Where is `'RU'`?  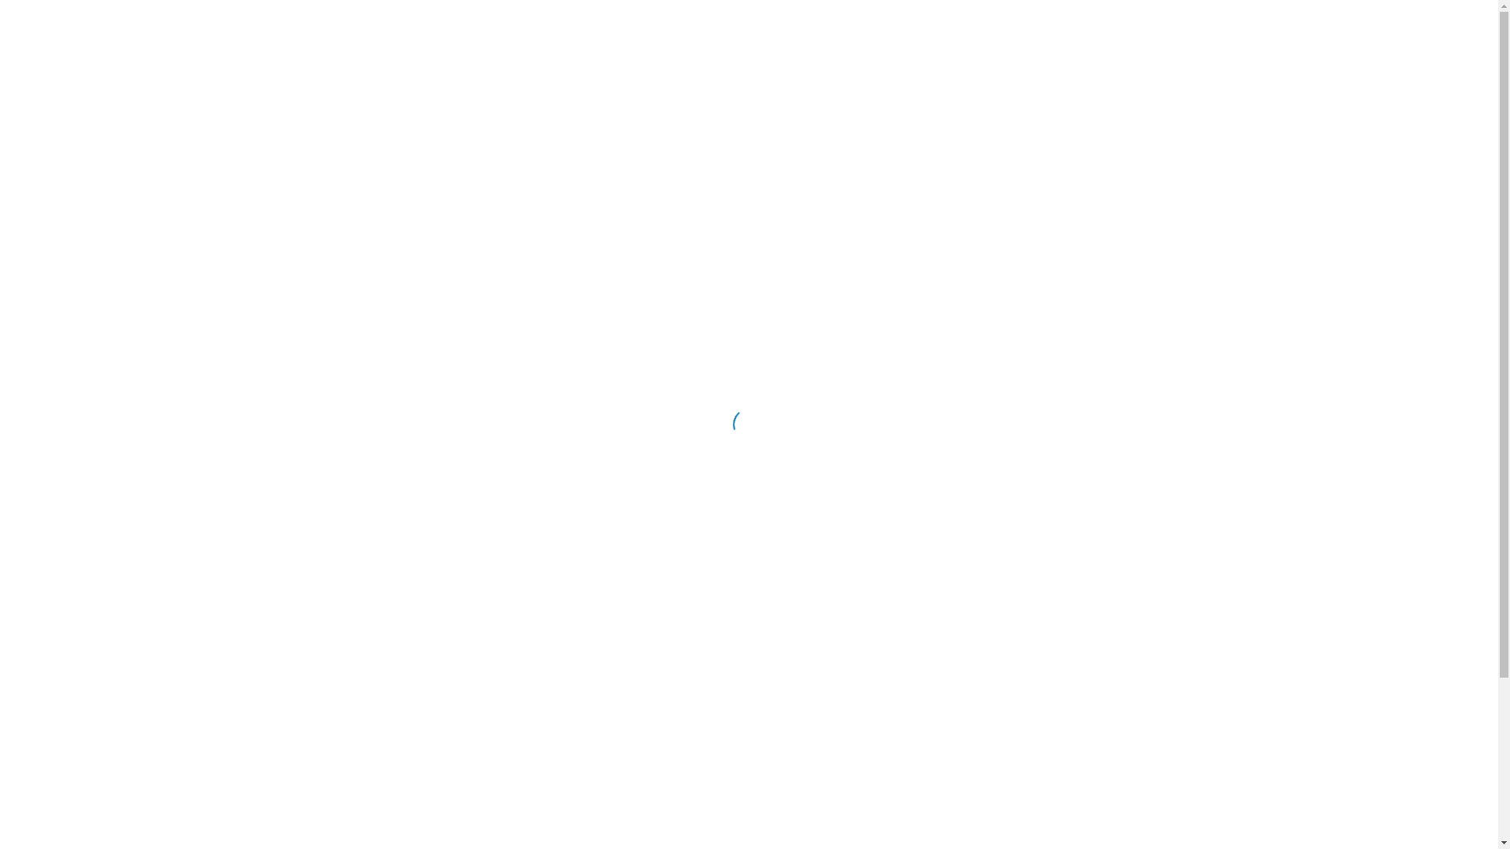 'RU' is located at coordinates (1446, 24).